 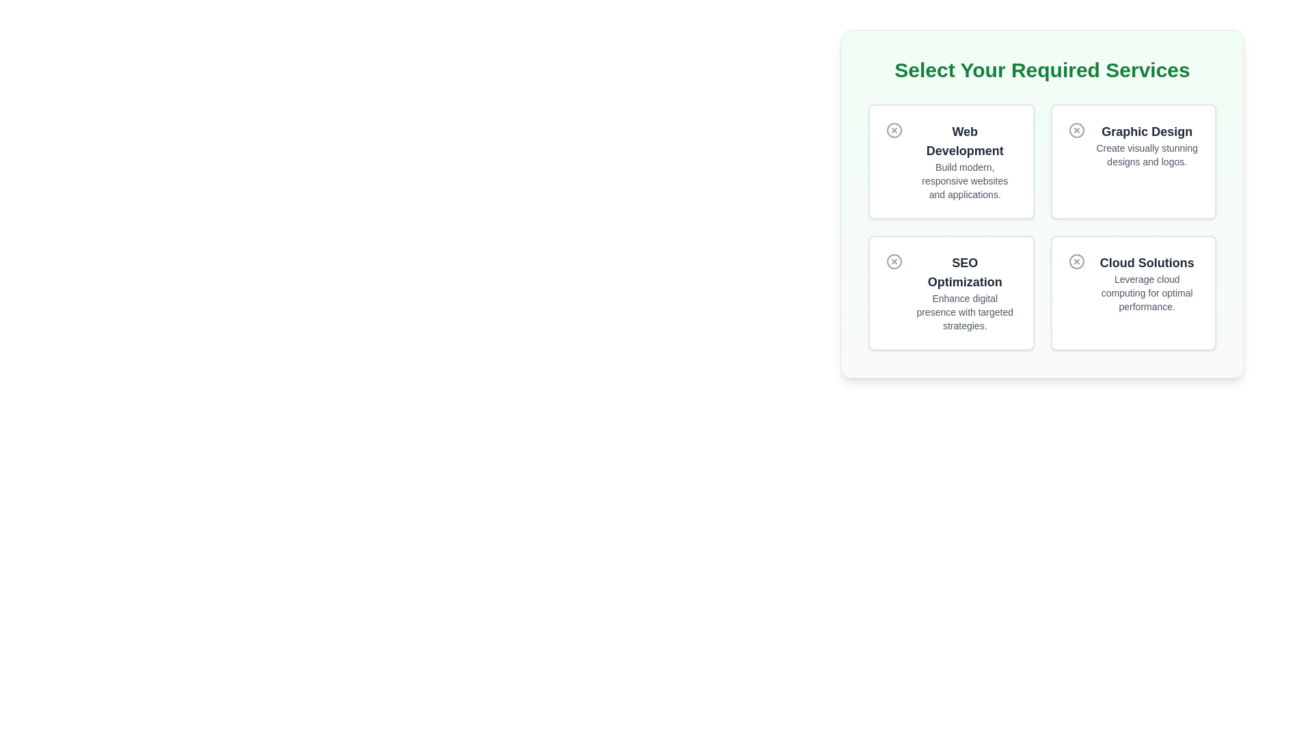 I want to click on the button located in the top left corner of the 'Cloud Solutions' card in the bottom-right of a 2x2 grid layout, so click(x=1076, y=261).